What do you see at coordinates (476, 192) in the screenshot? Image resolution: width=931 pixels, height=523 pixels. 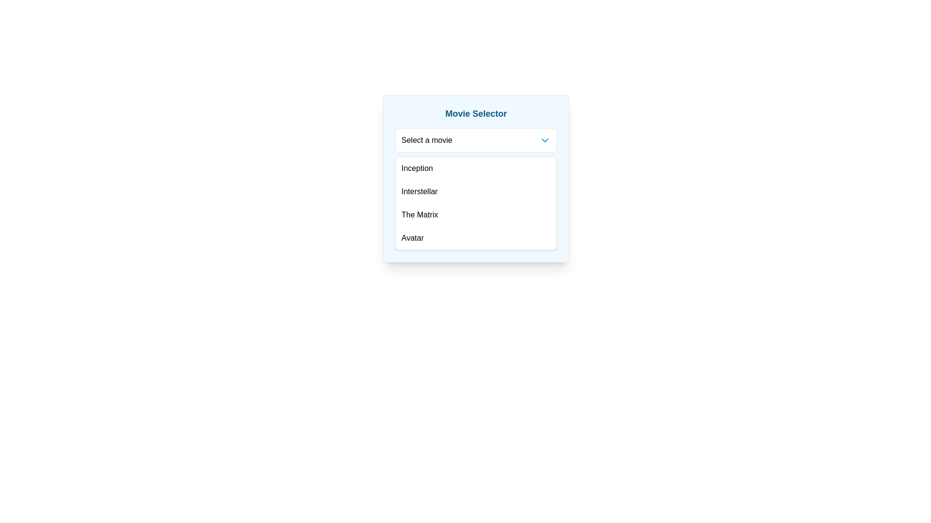 I see `to select the movie option located directly below 'Inception' in the dropdown menu labeled 'Movie Selector'` at bounding box center [476, 192].